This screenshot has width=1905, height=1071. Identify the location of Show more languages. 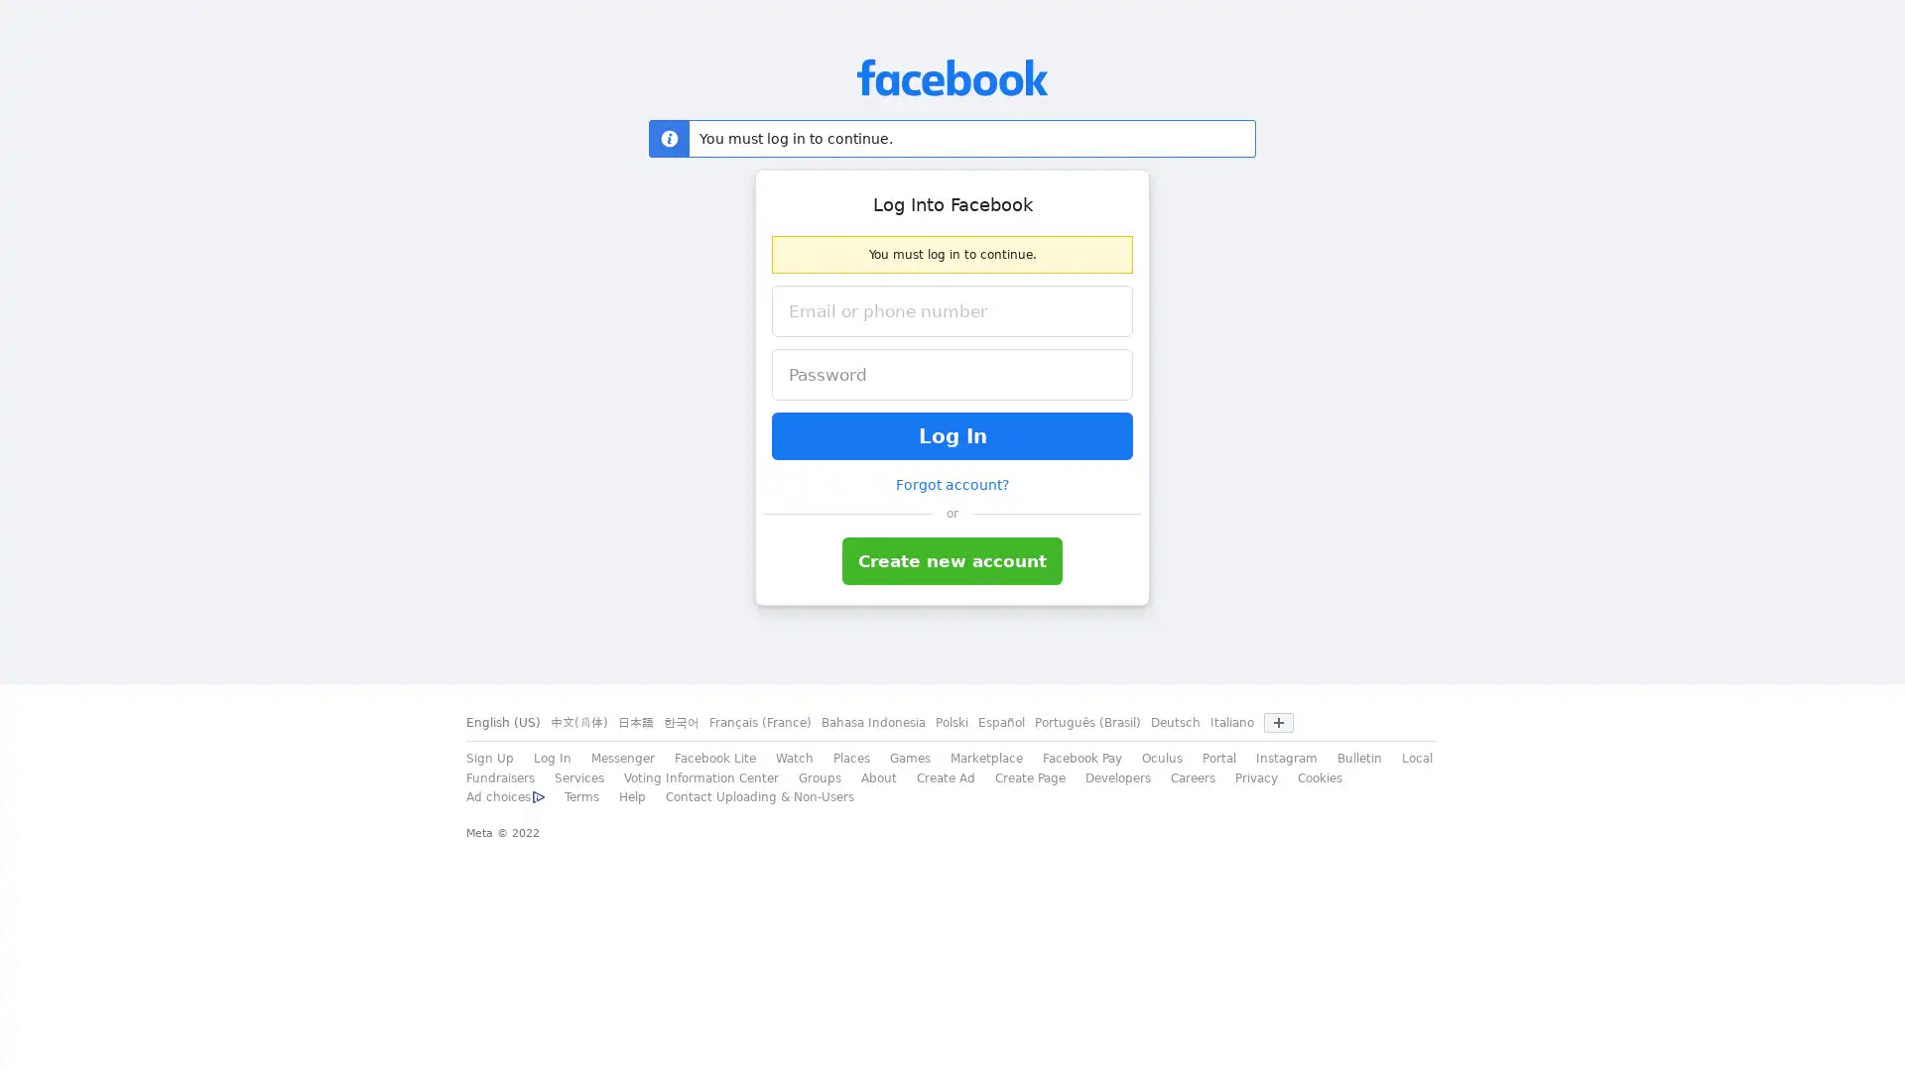
(1279, 723).